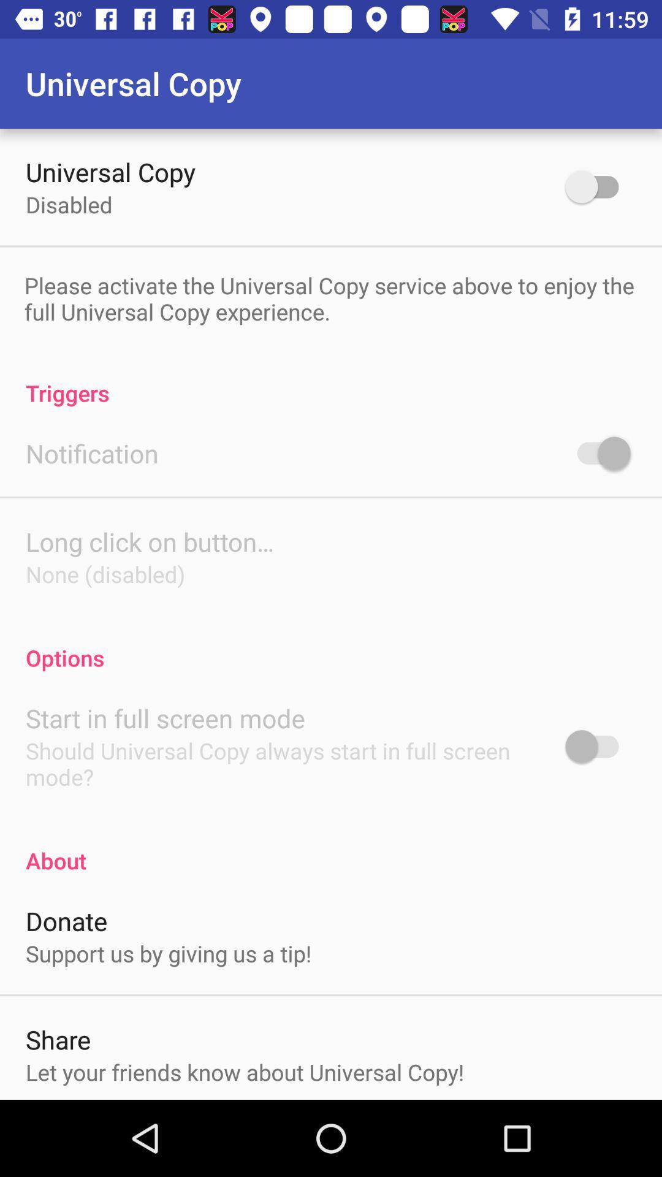  What do you see at coordinates (597, 186) in the screenshot?
I see `universal copy option` at bounding box center [597, 186].